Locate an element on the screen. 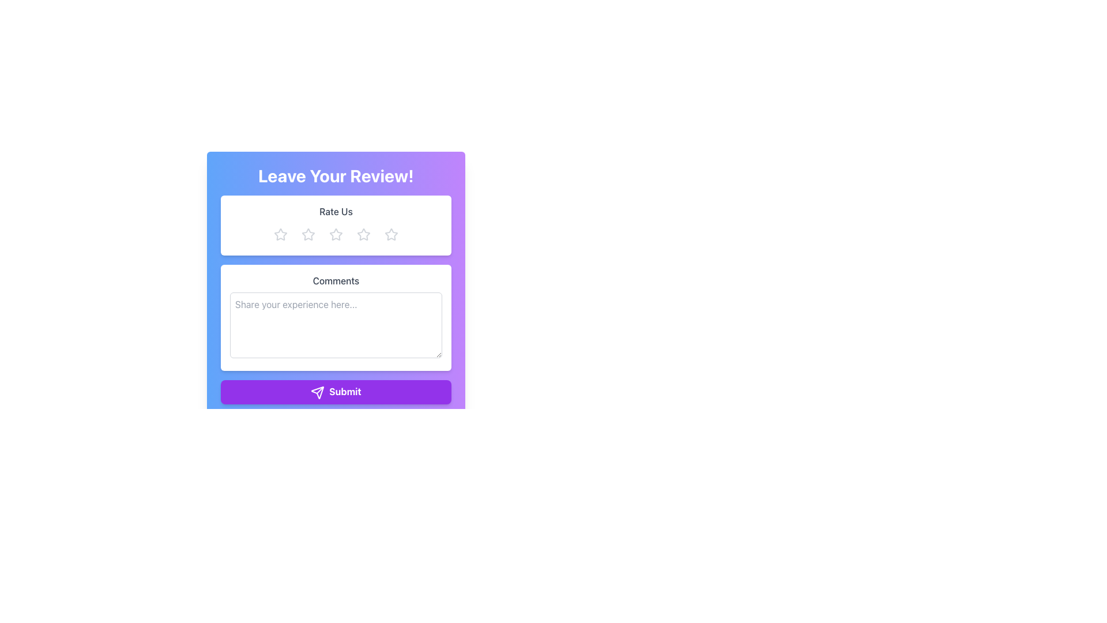  the text label that indicates the purpose of the comment input field, positioned centrally at the top of the comment input section is located at coordinates (335, 280).